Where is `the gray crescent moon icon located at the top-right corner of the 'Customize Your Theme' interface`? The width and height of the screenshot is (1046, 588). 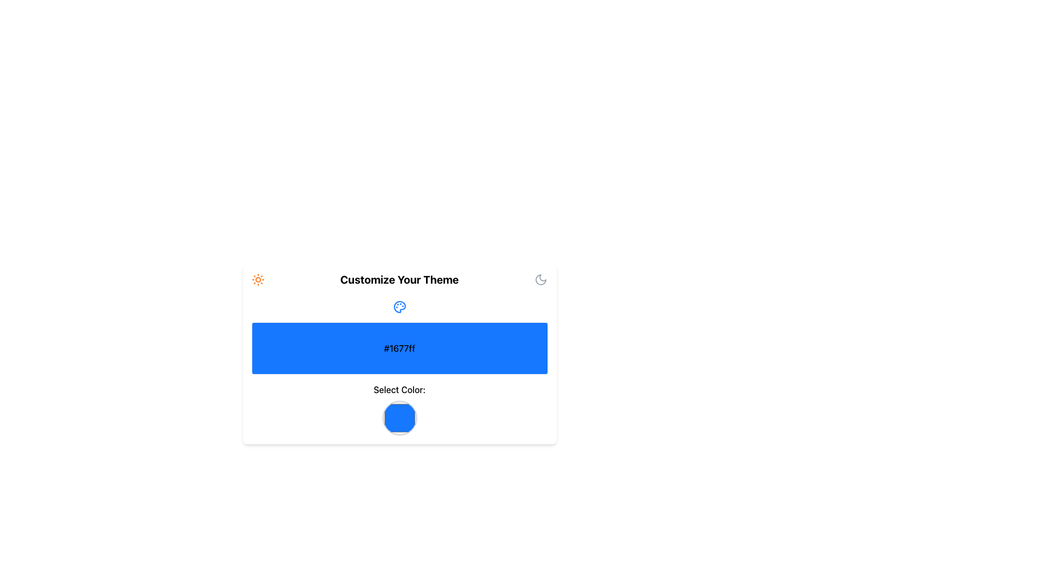 the gray crescent moon icon located at the top-right corner of the 'Customize Your Theme' interface is located at coordinates (541, 279).